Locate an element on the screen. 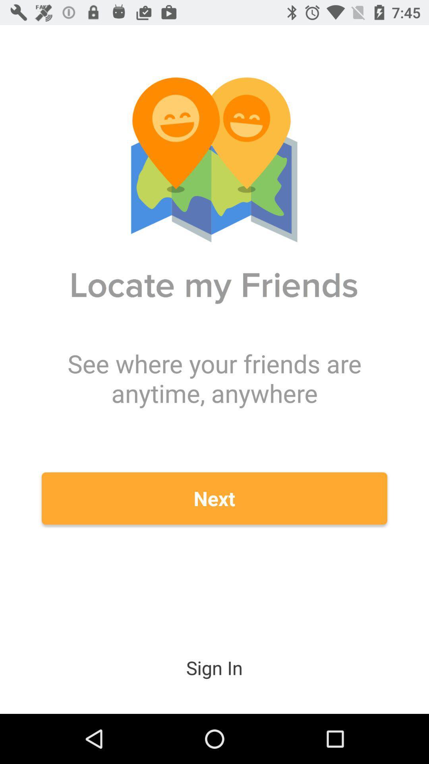 The height and width of the screenshot is (764, 429). the next item is located at coordinates (214, 498).